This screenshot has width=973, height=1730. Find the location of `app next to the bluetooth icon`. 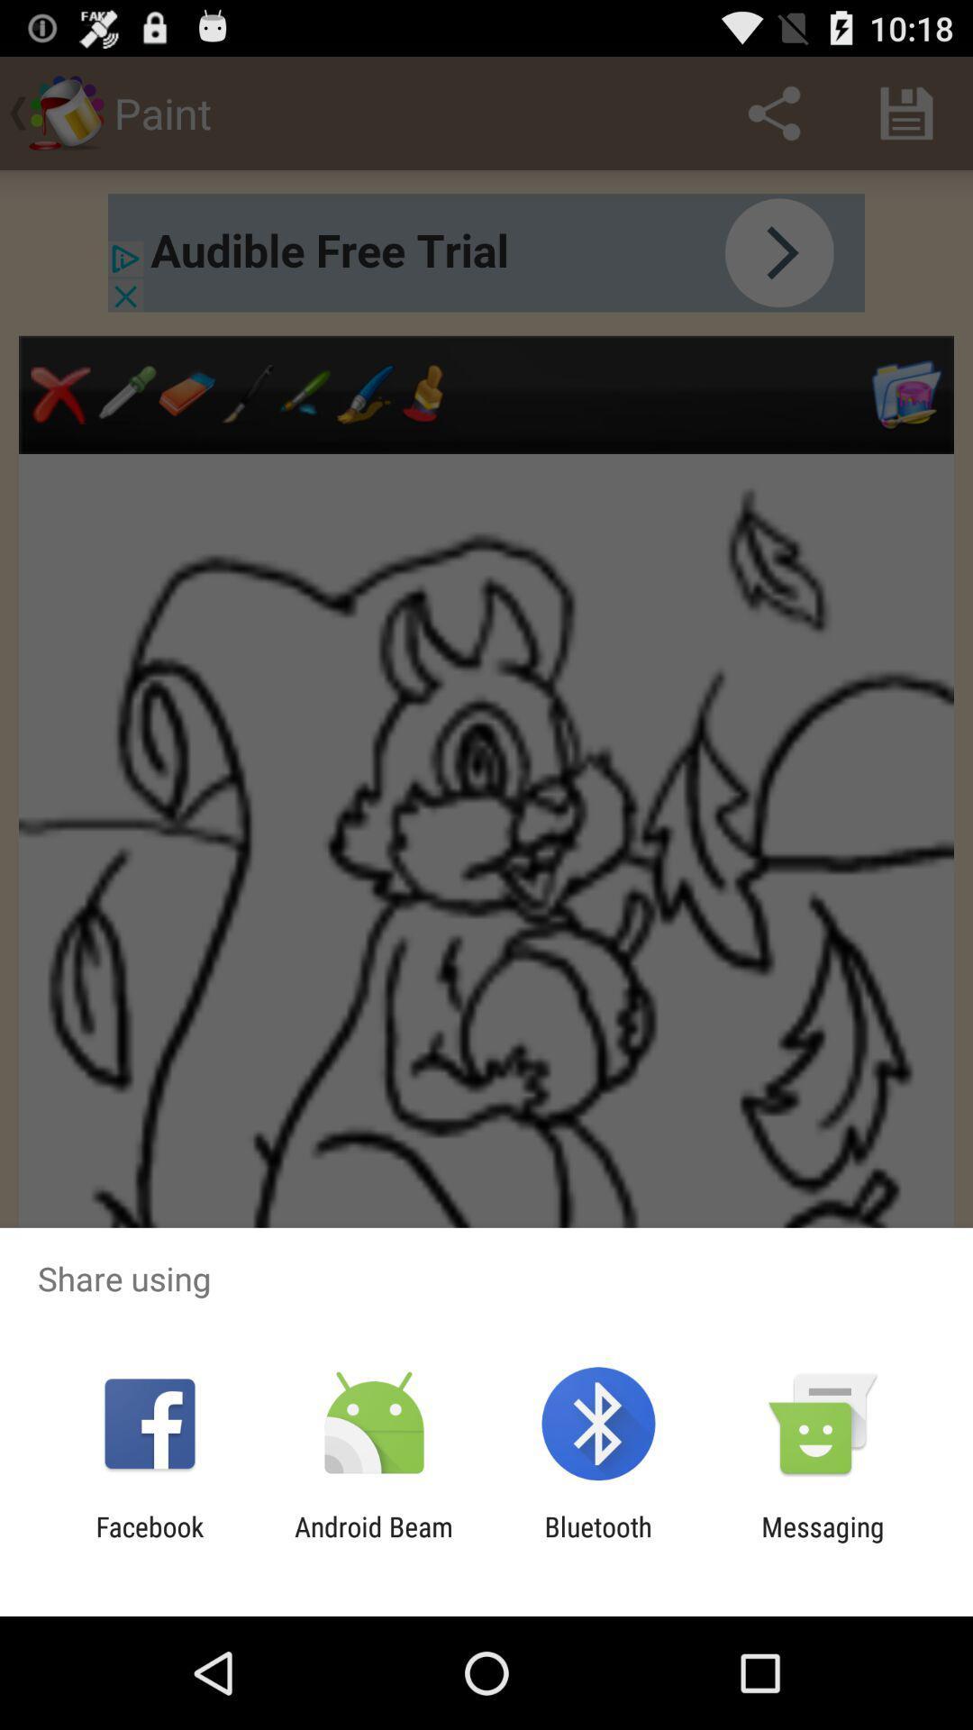

app next to the bluetooth icon is located at coordinates (373, 1542).